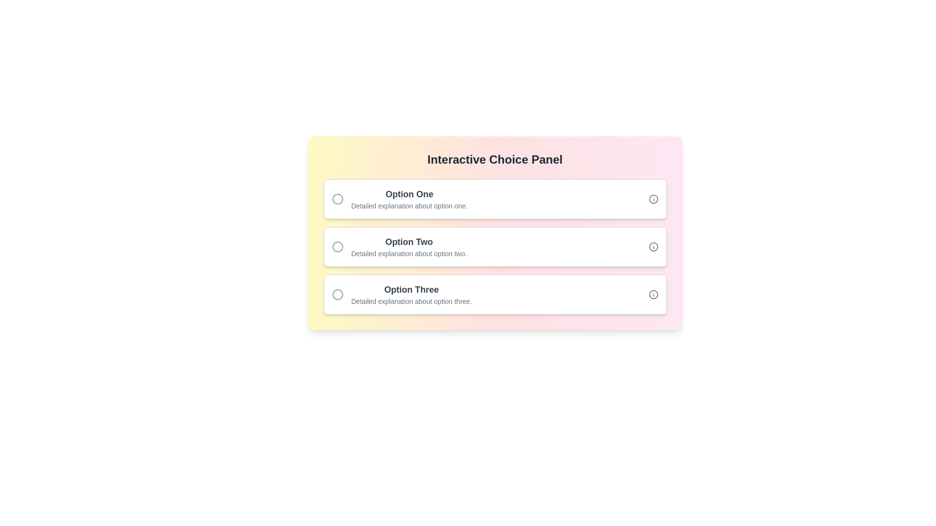 The width and height of the screenshot is (936, 526). Describe the element at coordinates (495, 233) in the screenshot. I see `the selectable option within the styled panel that has a gradient background from yellow to pink, which contains three options: 'Option One,' 'Option Two,' and 'Option Three.'` at that location.